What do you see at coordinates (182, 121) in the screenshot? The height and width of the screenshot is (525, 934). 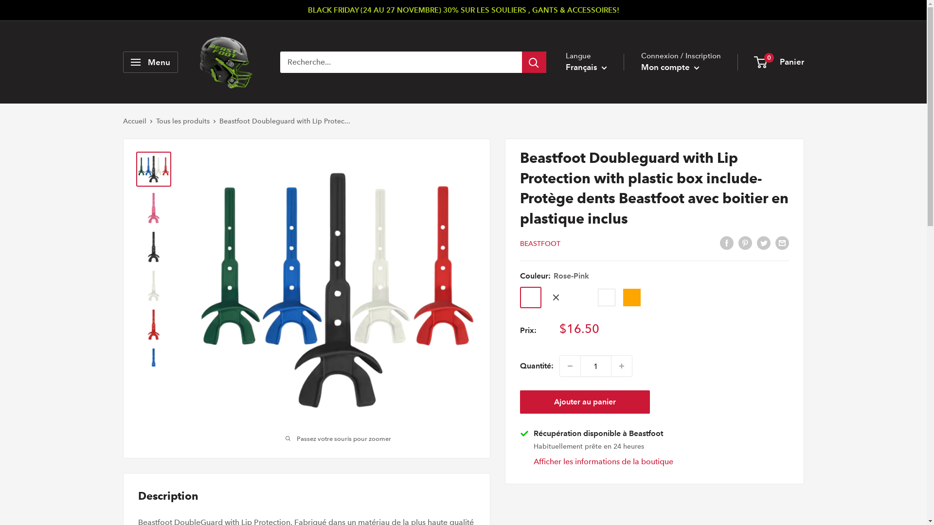 I see `'Tous les produits'` at bounding box center [182, 121].